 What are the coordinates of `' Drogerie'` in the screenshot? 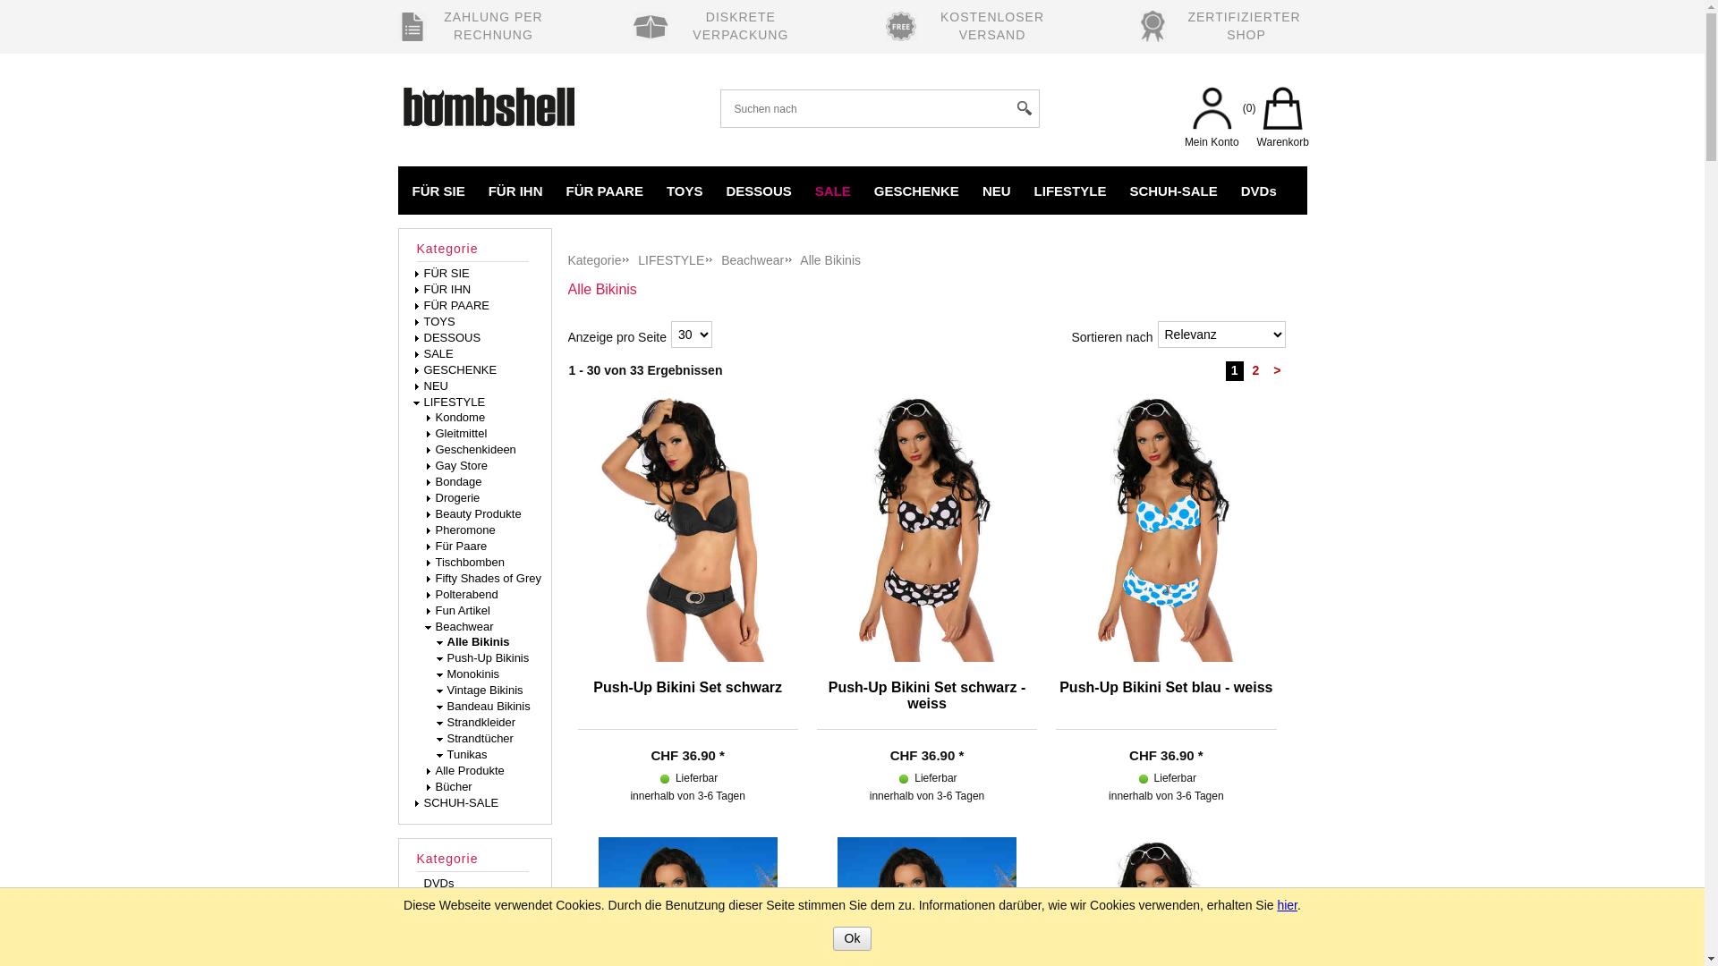 It's located at (434, 497).